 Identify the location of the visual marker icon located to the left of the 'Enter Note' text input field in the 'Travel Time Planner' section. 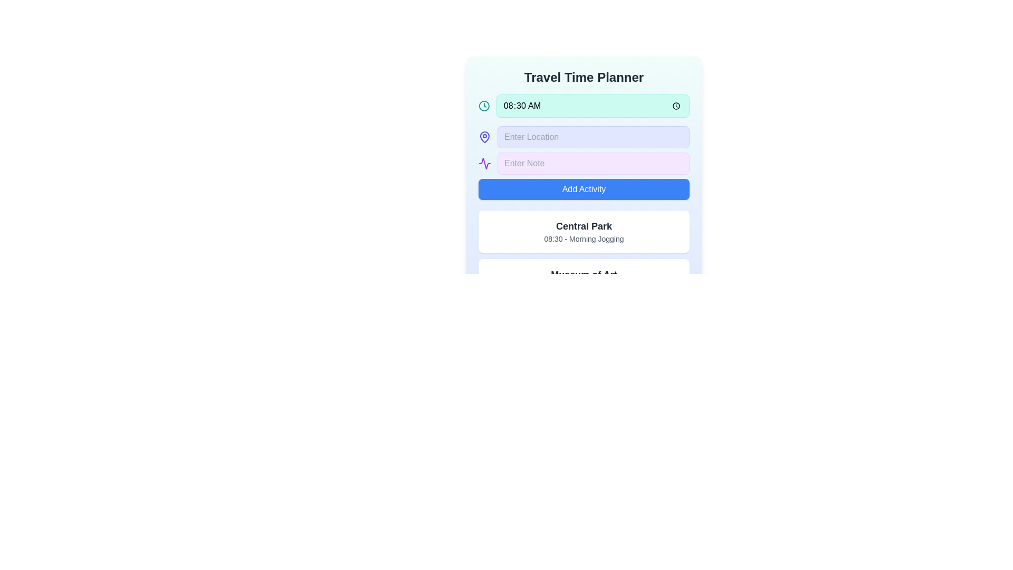
(484, 163).